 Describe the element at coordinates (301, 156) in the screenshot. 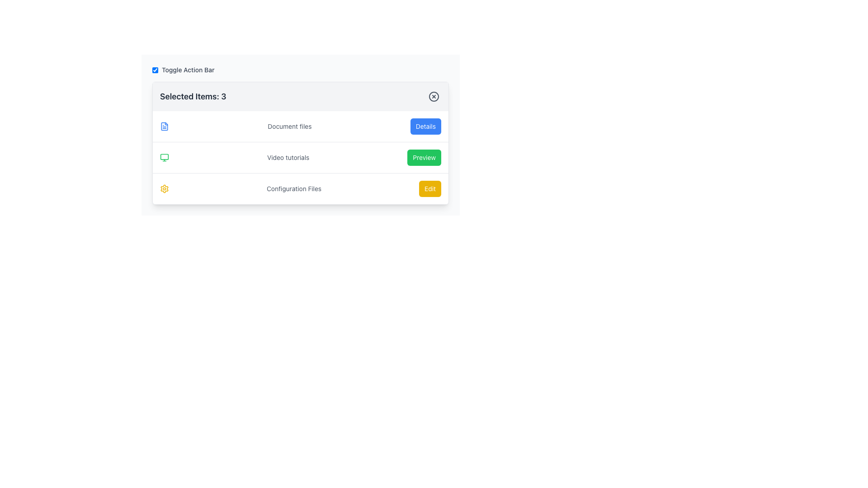

I see `the 'Video tutorials' label by clicking on the second row component that includes an icon, a label, and a 'Preview' button` at that location.